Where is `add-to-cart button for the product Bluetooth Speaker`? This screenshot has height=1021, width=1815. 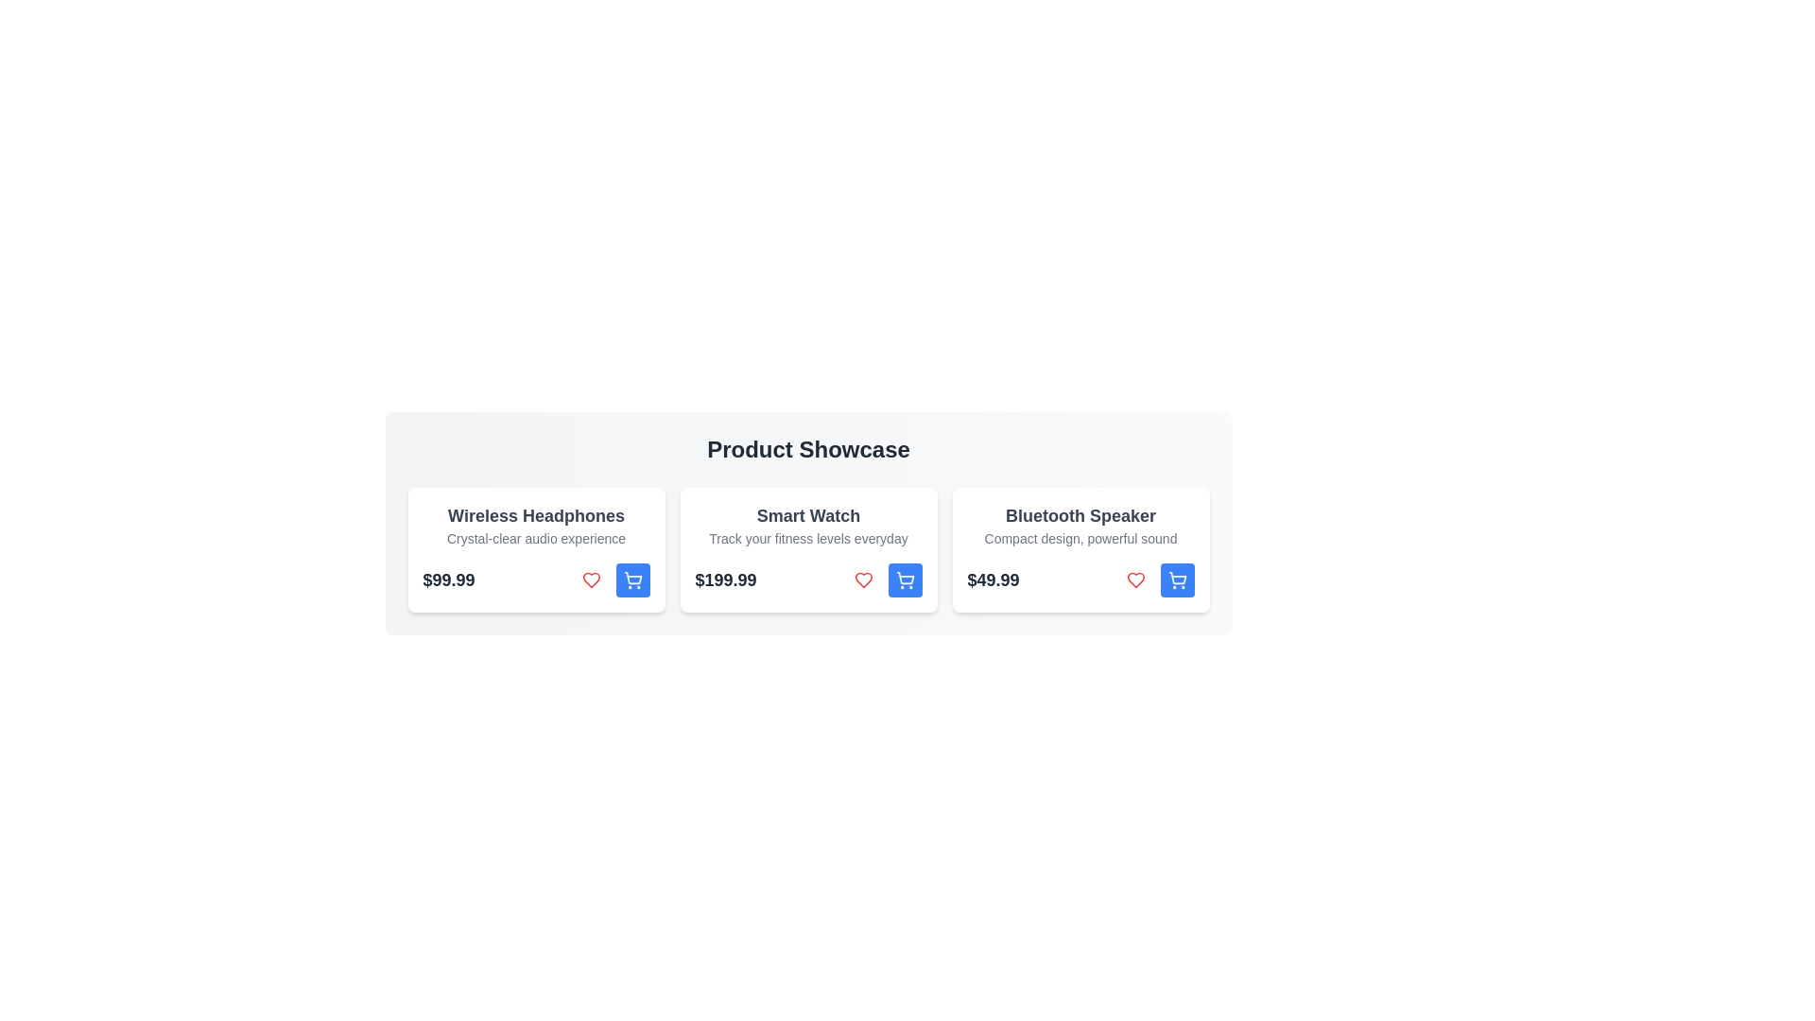
add-to-cart button for the product Bluetooth Speaker is located at coordinates (1176, 579).